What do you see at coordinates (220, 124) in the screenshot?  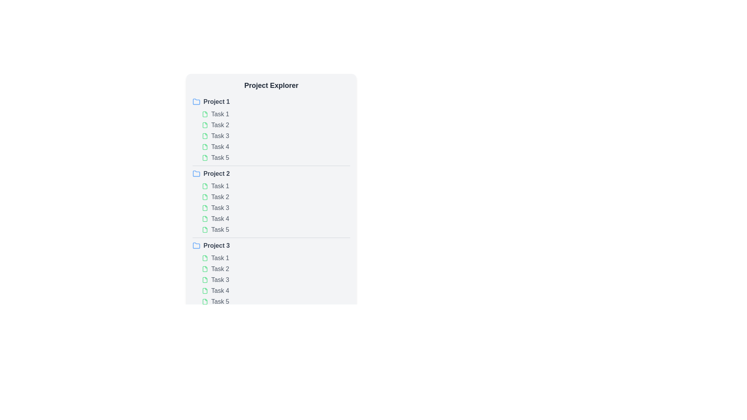 I see `the text label displaying 'Task 2' in the project explorer layout, which is the second task under 'Project 1'` at bounding box center [220, 124].